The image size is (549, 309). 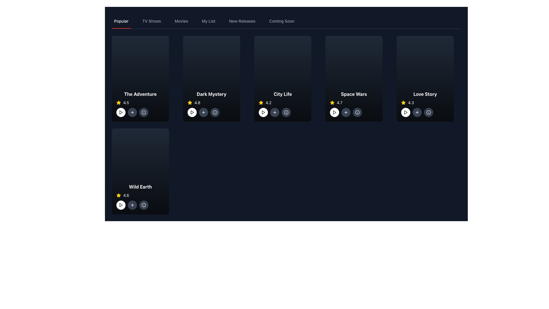 I want to click on the center button in the group of three circular buttons beneath the 'Wild Earth' card, so click(x=132, y=205).